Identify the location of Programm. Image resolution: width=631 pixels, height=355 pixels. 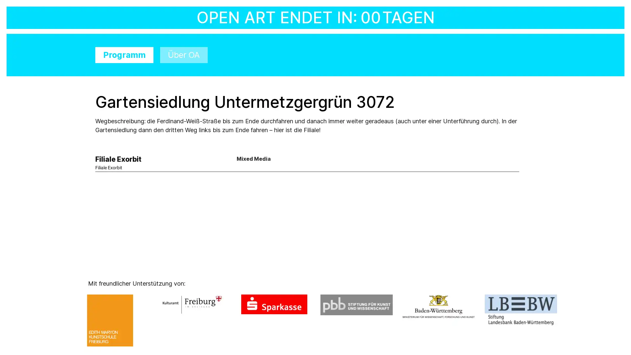
(124, 55).